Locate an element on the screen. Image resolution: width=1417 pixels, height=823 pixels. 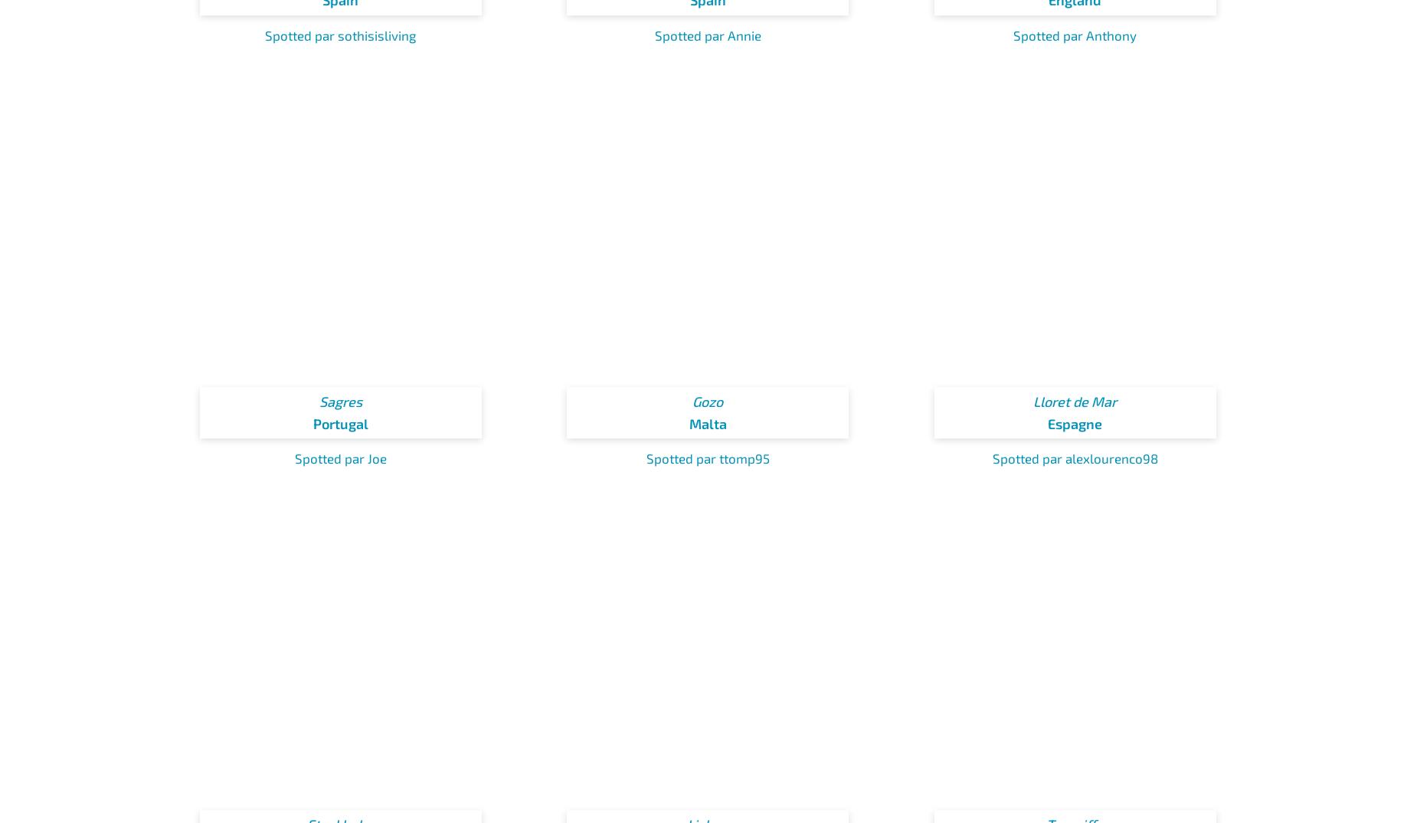
'Portugal' is located at coordinates (311, 422).